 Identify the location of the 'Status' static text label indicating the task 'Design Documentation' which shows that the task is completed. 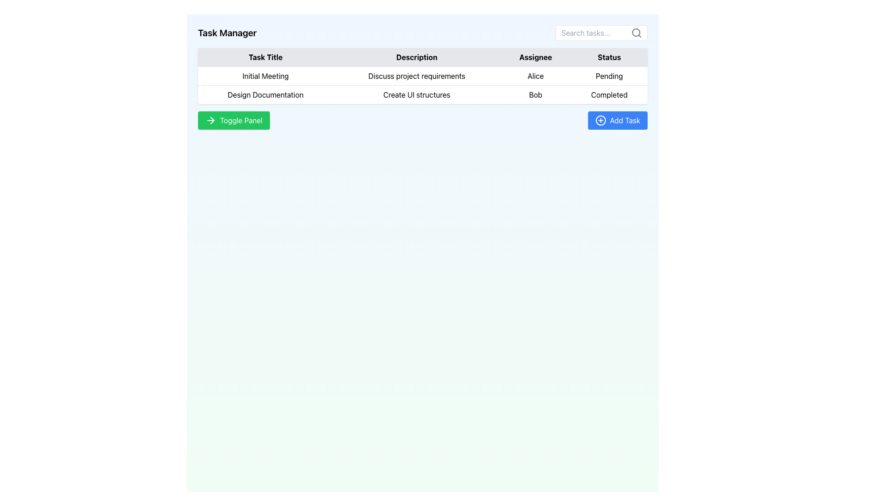
(609, 94).